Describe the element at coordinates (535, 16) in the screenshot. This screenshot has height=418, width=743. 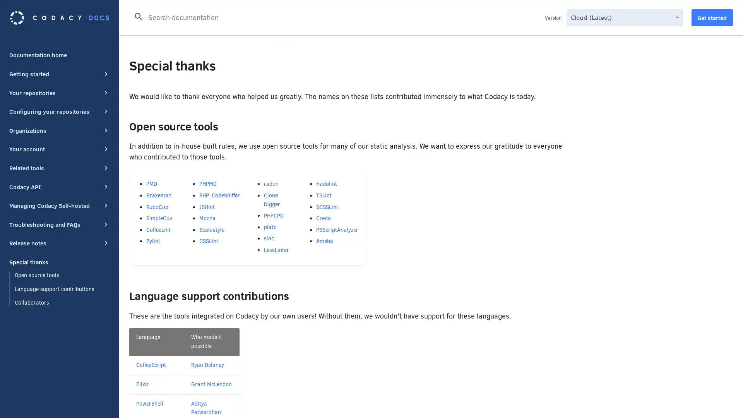
I see `Clear` at that location.